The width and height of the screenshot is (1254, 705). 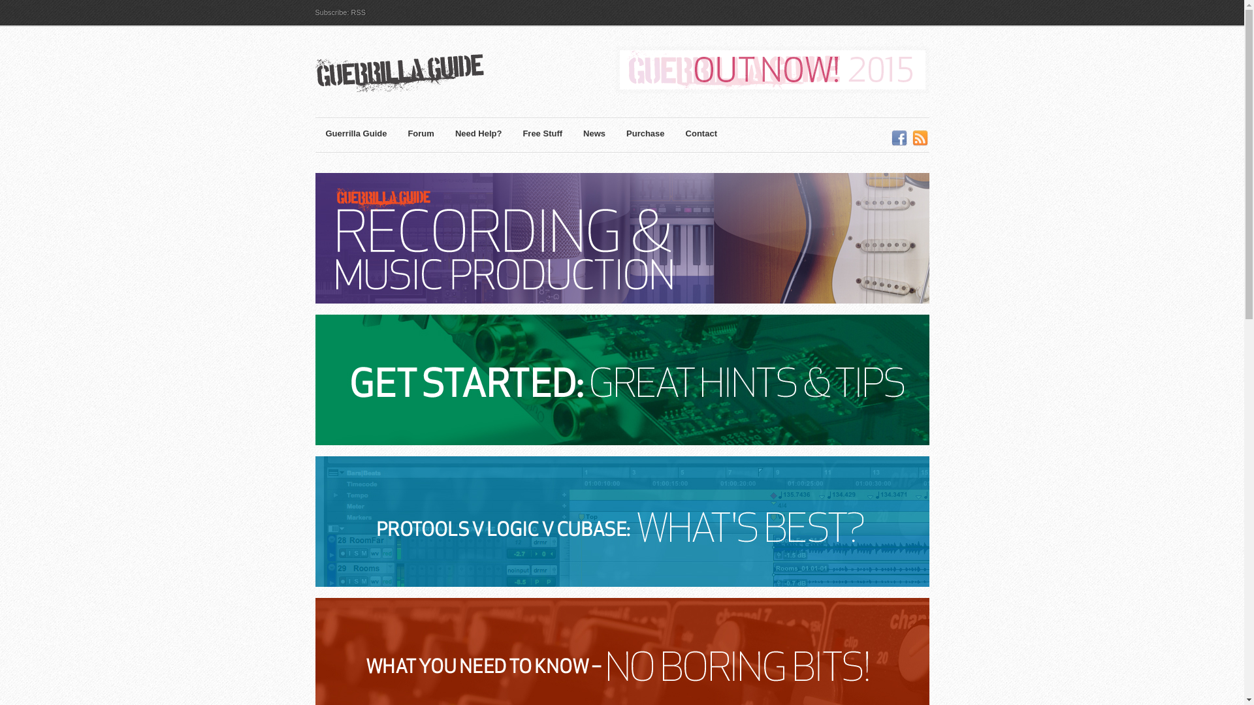 I want to click on 'Guerrilla Guide | Recording & Music Production', so click(x=426, y=75).